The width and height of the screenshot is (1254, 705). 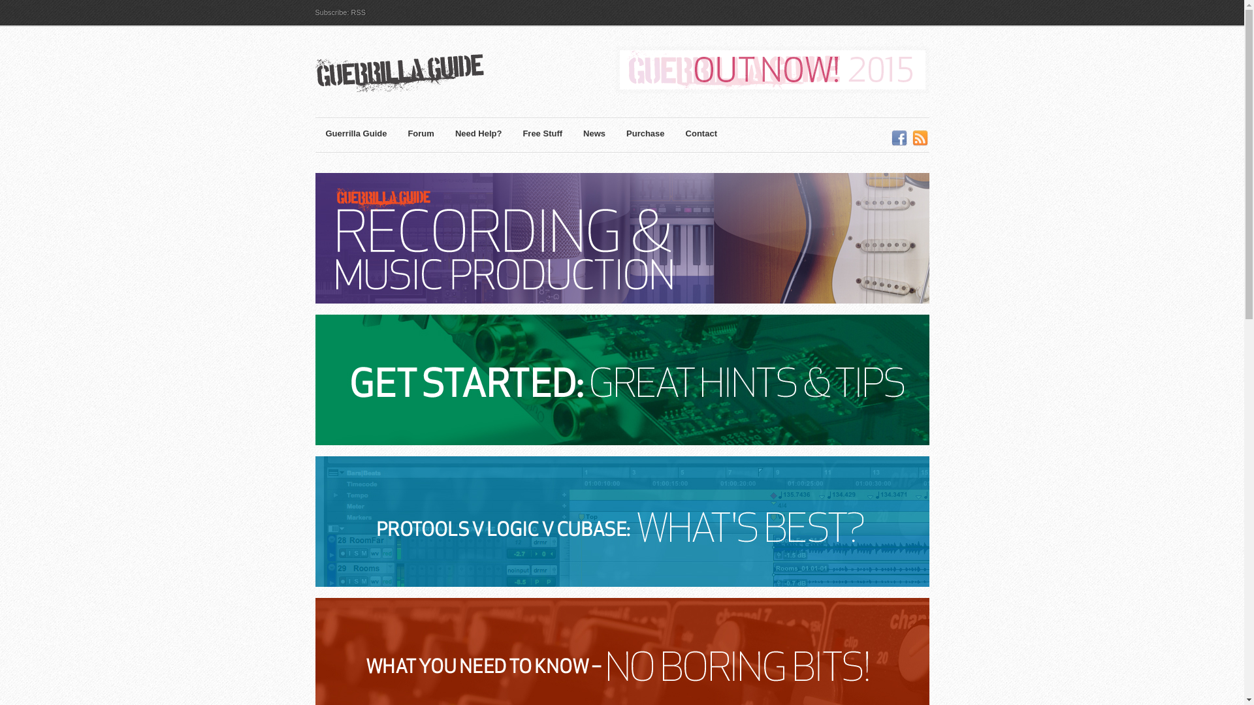 I want to click on 'Guerrilla Guide | Recording & Music Production', so click(x=426, y=75).